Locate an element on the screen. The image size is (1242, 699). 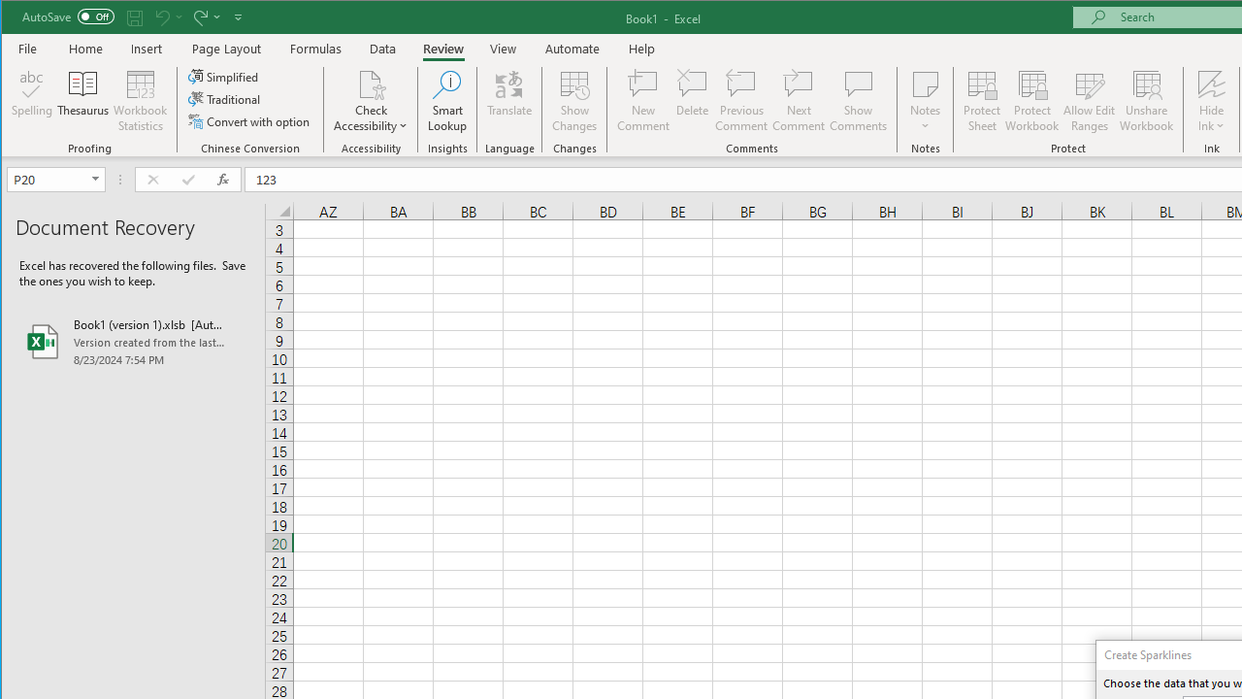
'Book1 (version 1).xlsb  [AutoRecovered]' is located at coordinates (132, 341).